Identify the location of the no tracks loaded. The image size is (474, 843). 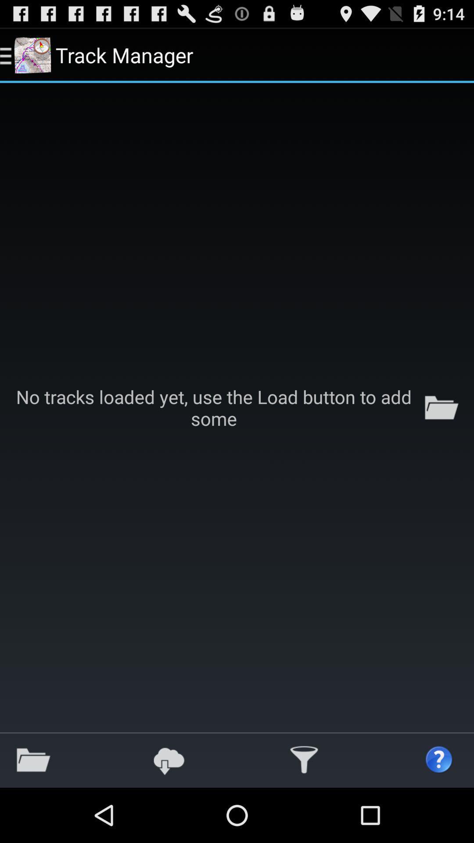
(237, 407).